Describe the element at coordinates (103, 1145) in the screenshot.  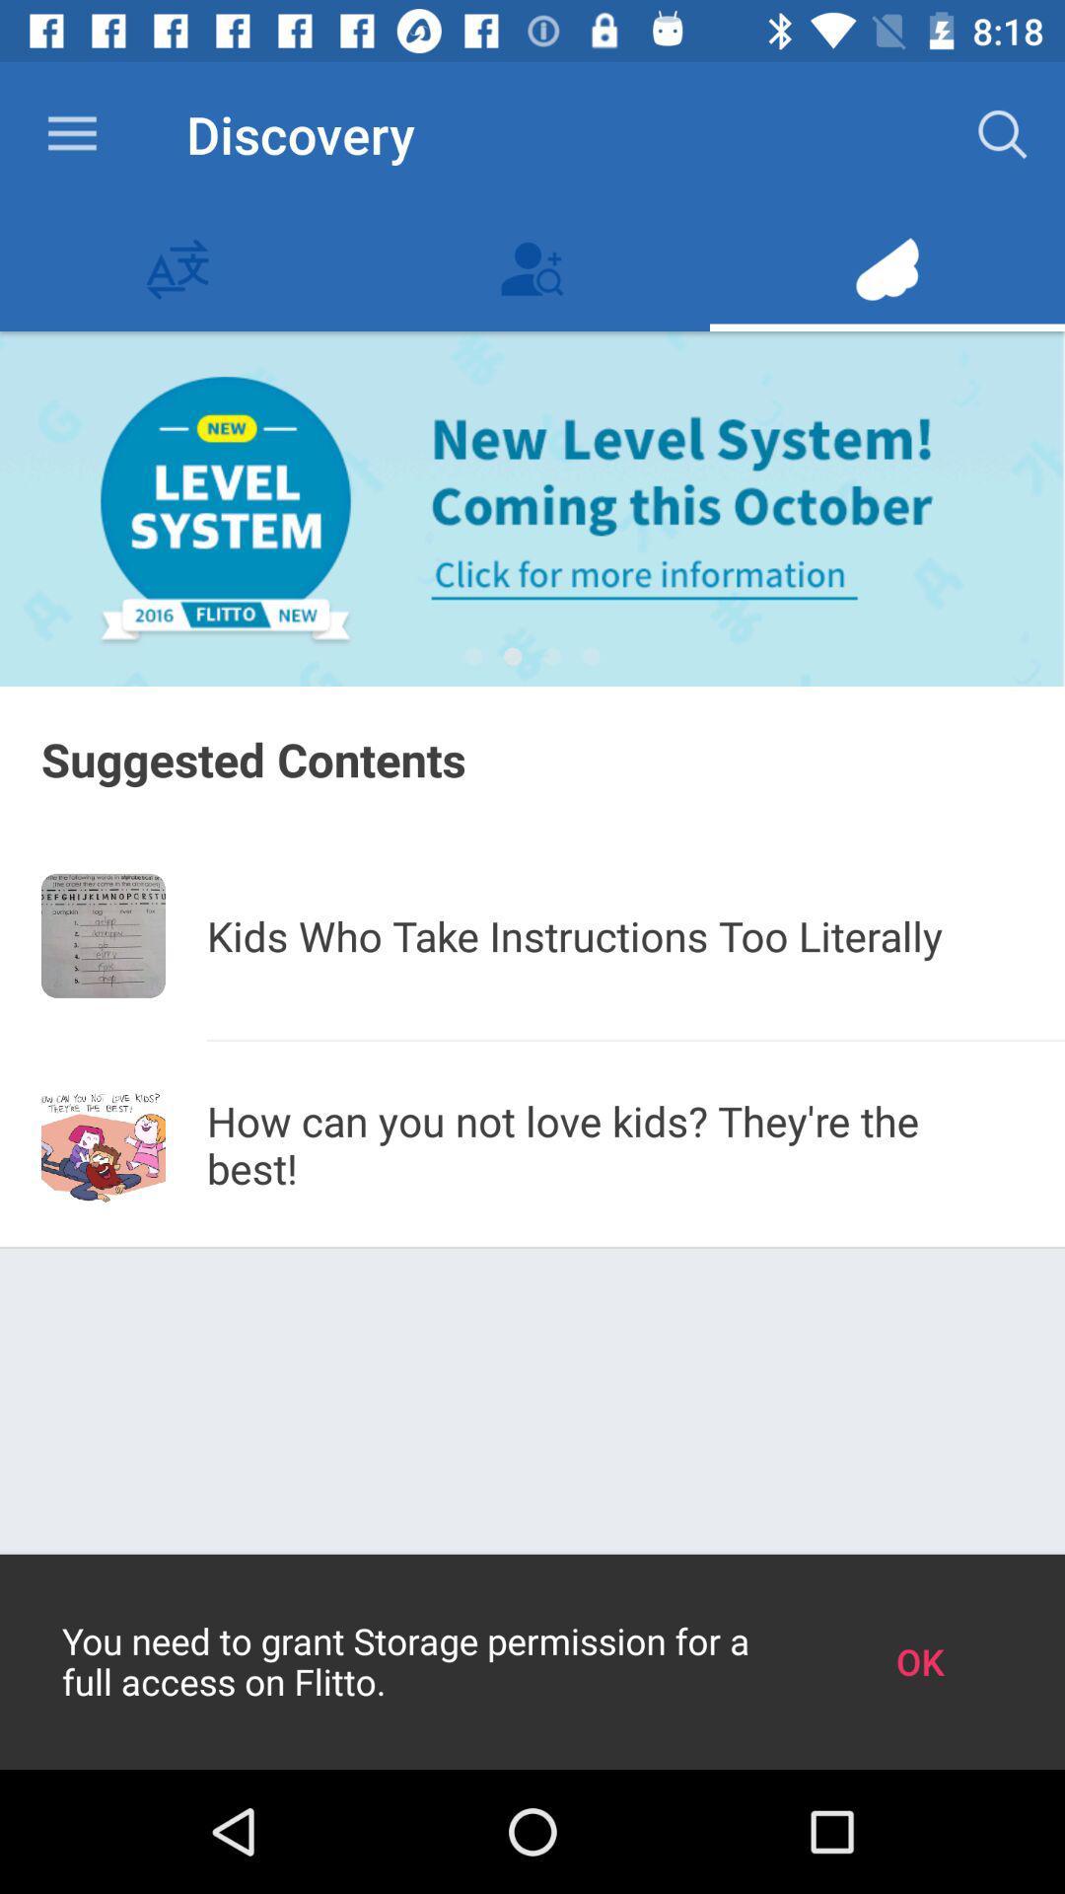
I see `the app to the left of how can you item` at that location.